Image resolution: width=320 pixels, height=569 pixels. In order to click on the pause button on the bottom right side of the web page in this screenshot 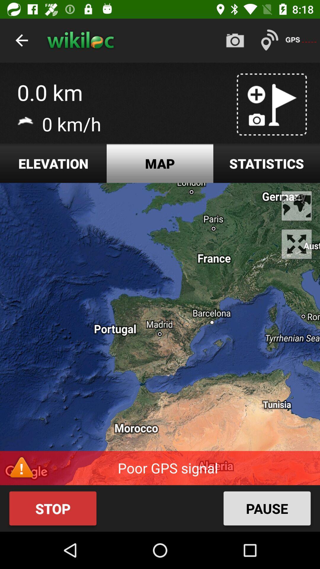, I will do `click(267, 508)`.